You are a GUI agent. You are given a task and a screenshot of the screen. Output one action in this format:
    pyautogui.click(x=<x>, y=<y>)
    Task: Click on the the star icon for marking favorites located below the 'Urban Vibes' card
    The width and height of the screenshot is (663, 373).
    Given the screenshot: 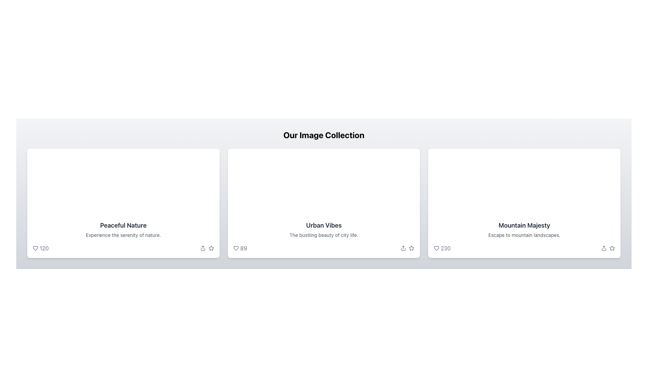 What is the action you would take?
    pyautogui.click(x=411, y=248)
    